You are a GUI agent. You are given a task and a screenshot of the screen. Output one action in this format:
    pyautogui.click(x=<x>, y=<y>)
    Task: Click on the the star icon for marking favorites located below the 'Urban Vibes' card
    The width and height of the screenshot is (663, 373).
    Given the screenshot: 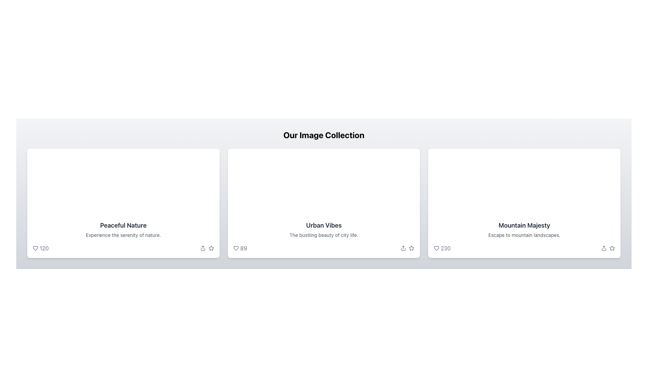 What is the action you would take?
    pyautogui.click(x=411, y=248)
    